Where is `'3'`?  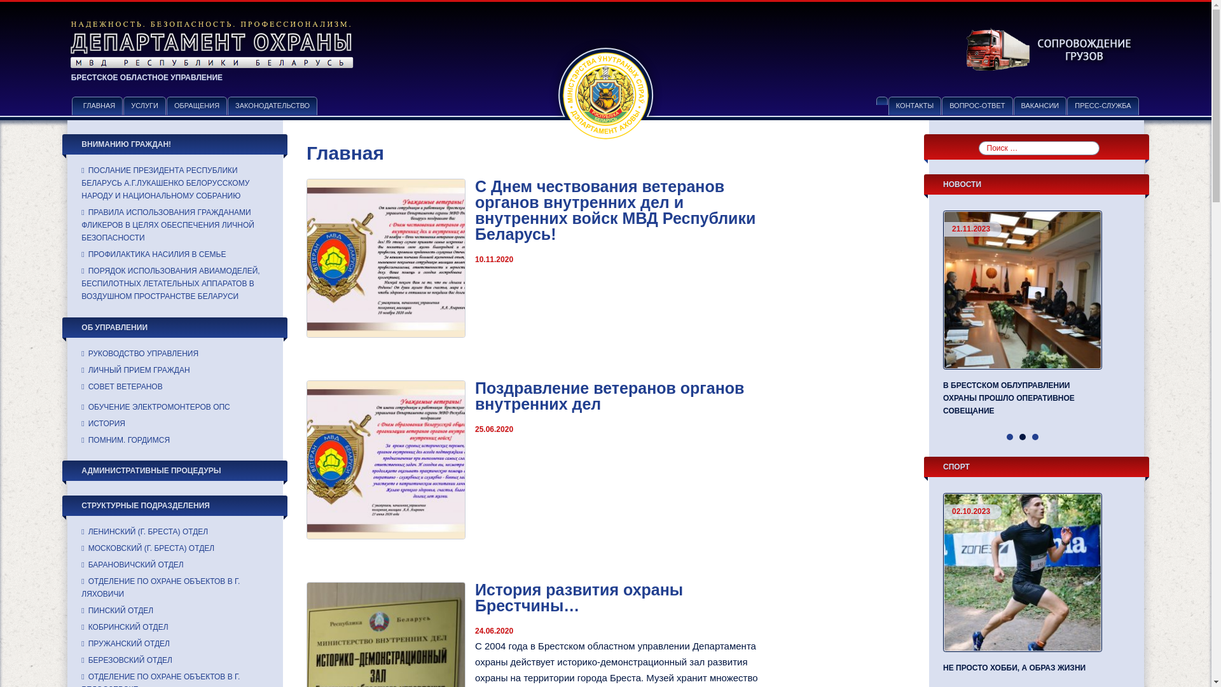 '3' is located at coordinates (1035, 436).